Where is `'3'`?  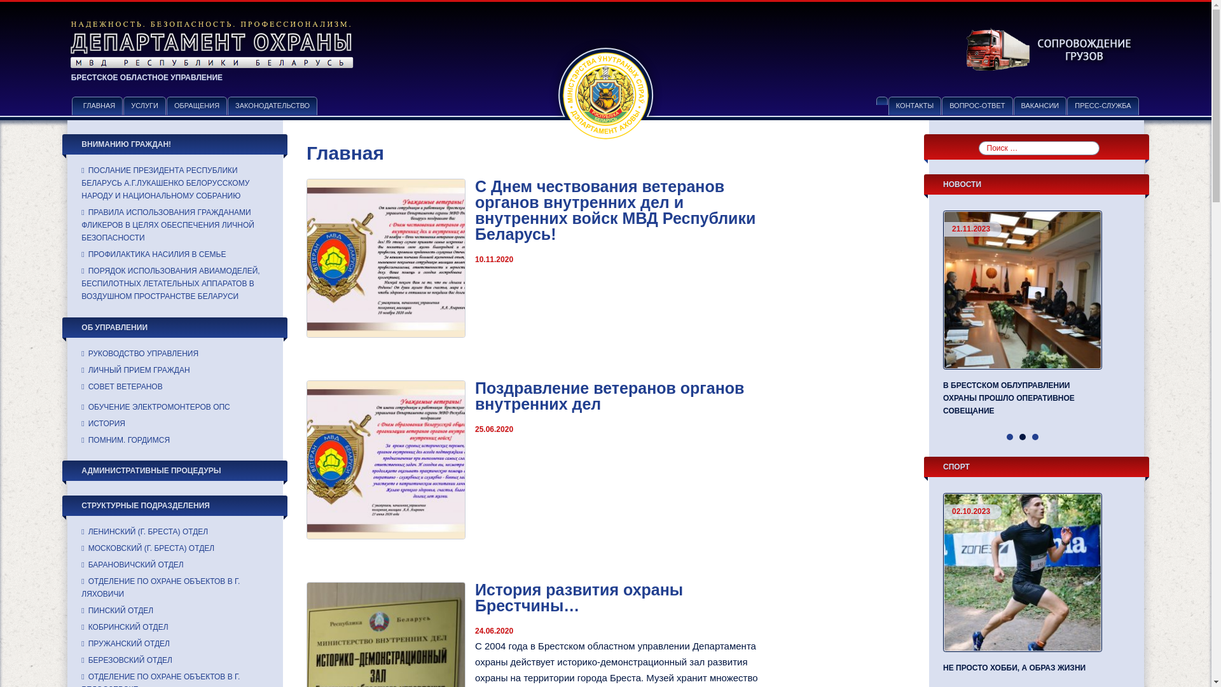 '3' is located at coordinates (1035, 436).